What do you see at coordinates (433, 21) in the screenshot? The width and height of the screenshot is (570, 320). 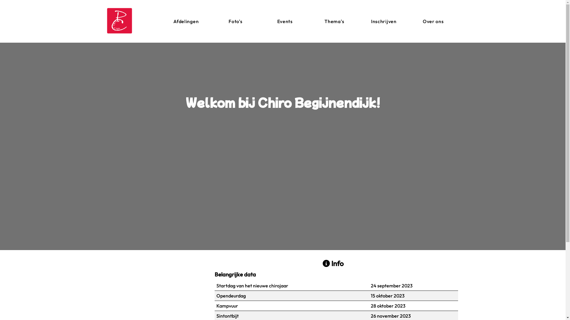 I see `'Over ons'` at bounding box center [433, 21].